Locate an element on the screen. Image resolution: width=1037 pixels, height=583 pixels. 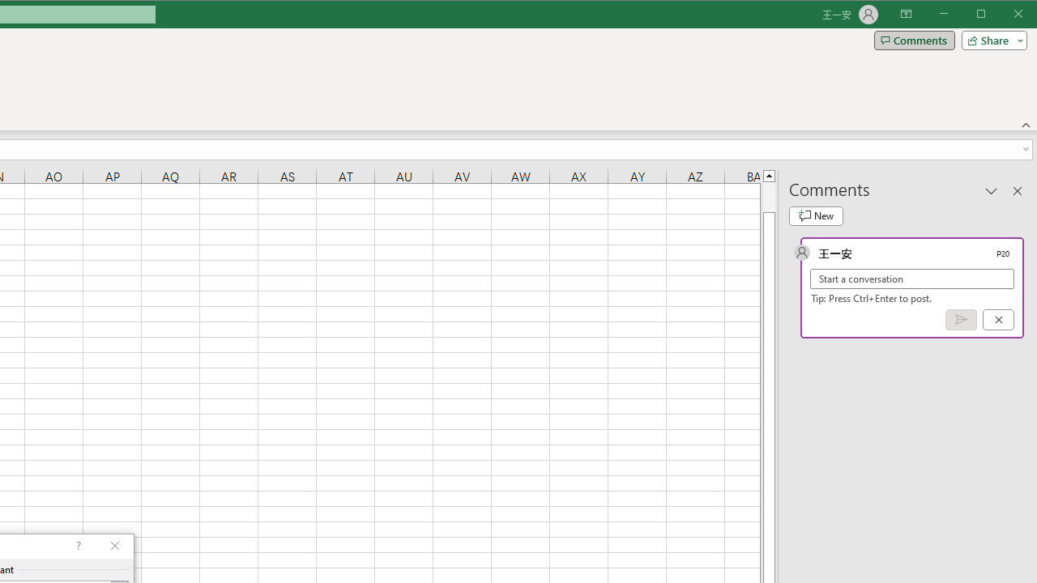
'Ribbon Display Options' is located at coordinates (905, 15).